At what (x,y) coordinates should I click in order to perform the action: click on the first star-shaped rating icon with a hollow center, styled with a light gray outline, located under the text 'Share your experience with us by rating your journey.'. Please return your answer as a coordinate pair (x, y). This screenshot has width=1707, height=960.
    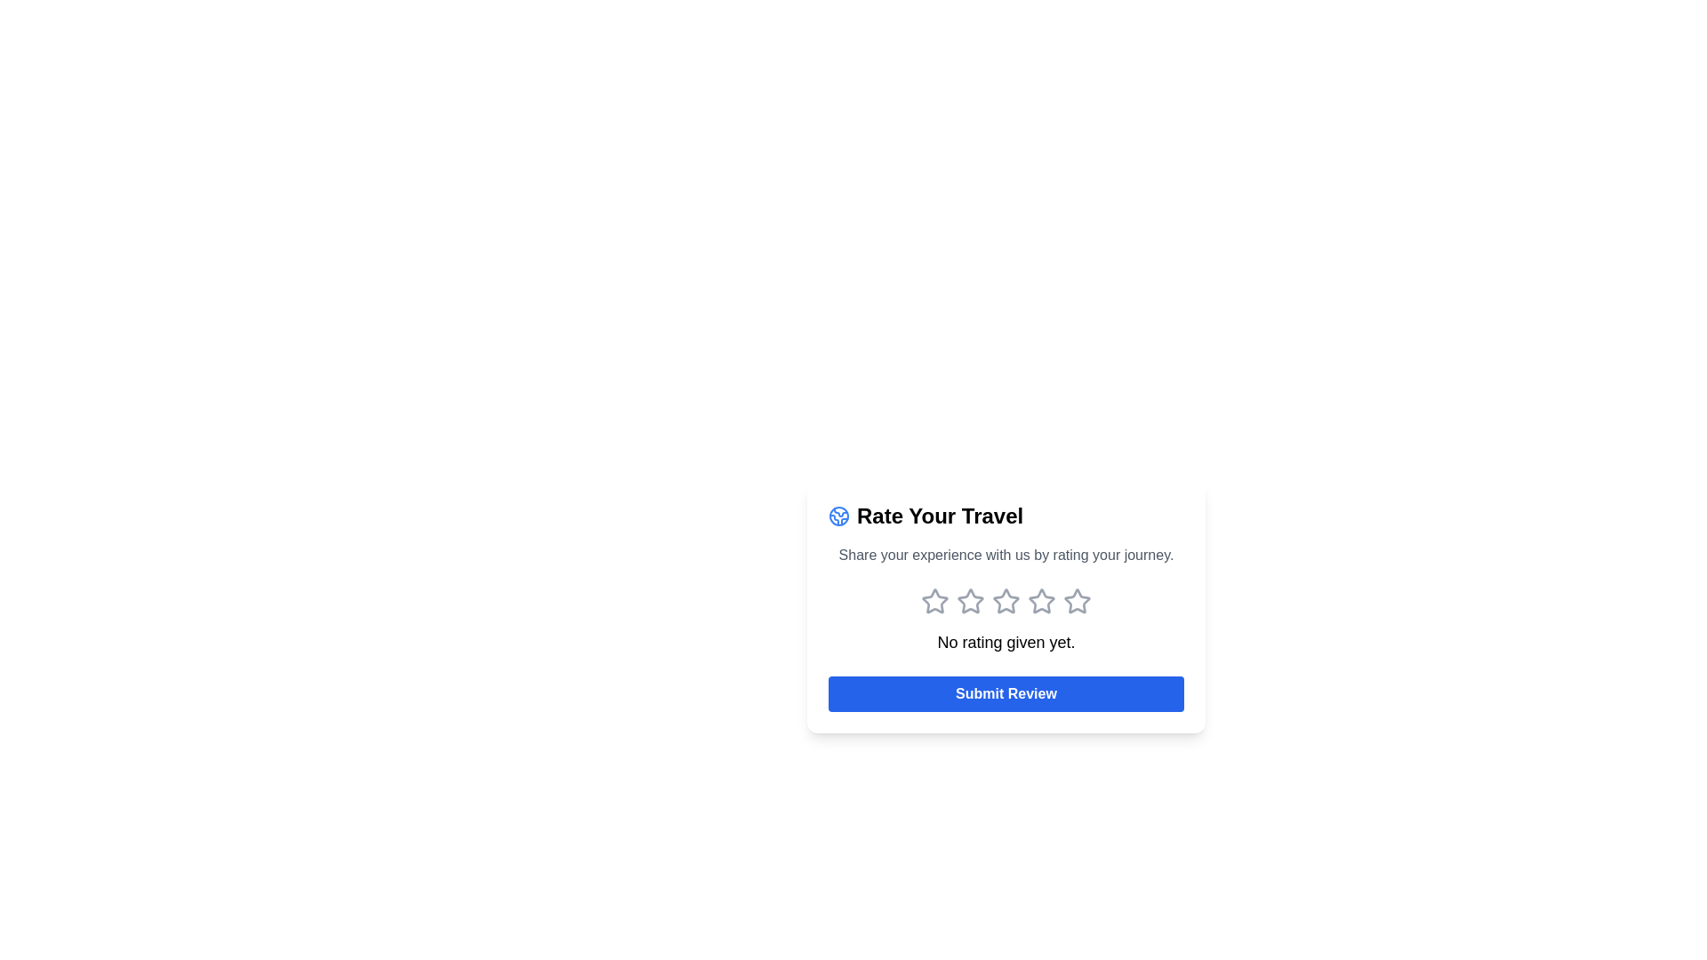
    Looking at the image, I should click on (969, 600).